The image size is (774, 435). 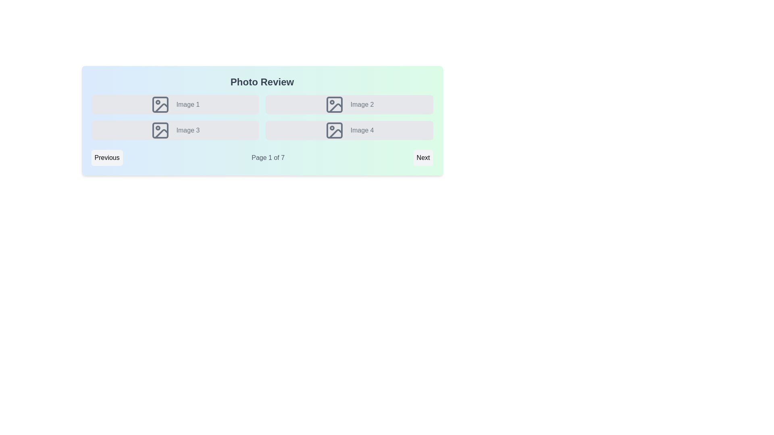 I want to click on the static rectangular shape with rounded corners that serves as a backdrop for an image symbol, located in the top-left position of the grid layout, so click(x=160, y=104).